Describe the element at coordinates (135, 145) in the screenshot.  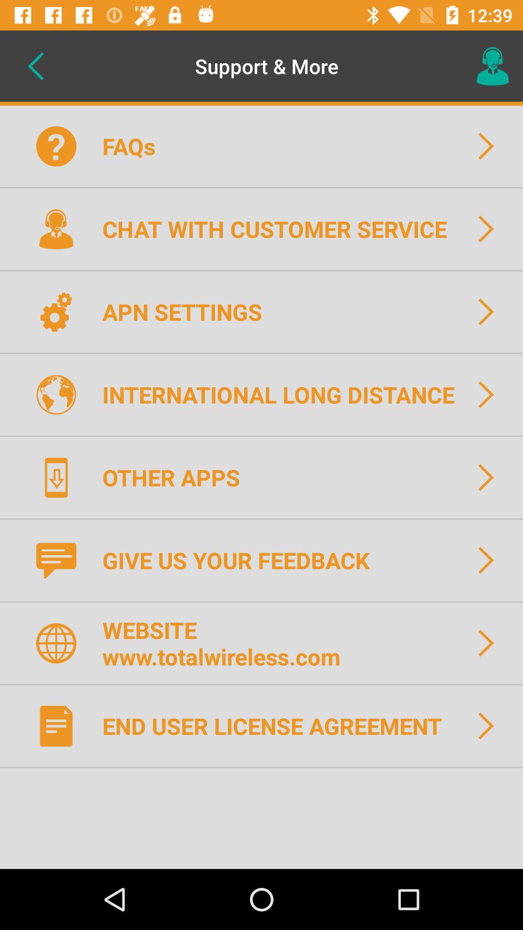
I see `the faqs item` at that location.